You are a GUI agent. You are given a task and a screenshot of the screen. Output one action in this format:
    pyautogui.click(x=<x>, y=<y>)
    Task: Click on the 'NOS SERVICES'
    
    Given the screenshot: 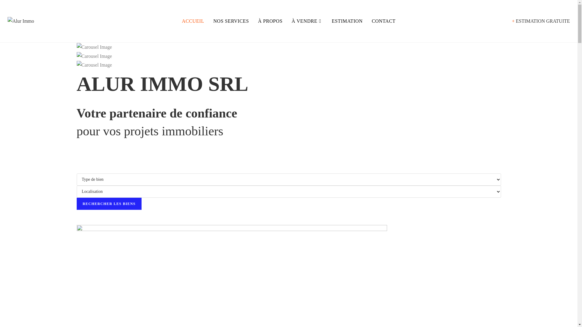 What is the action you would take?
    pyautogui.click(x=231, y=21)
    